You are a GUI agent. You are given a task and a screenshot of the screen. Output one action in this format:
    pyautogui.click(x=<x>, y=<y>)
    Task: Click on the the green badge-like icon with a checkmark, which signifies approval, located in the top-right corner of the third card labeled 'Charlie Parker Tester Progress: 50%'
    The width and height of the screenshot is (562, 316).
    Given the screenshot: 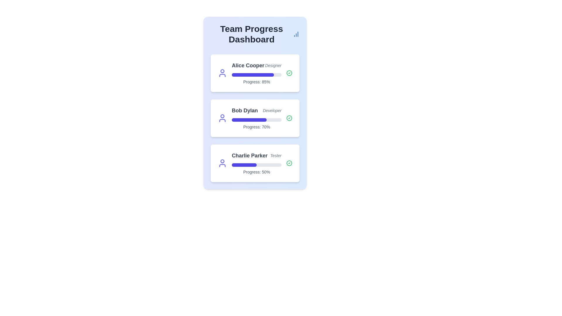 What is the action you would take?
    pyautogui.click(x=289, y=163)
    